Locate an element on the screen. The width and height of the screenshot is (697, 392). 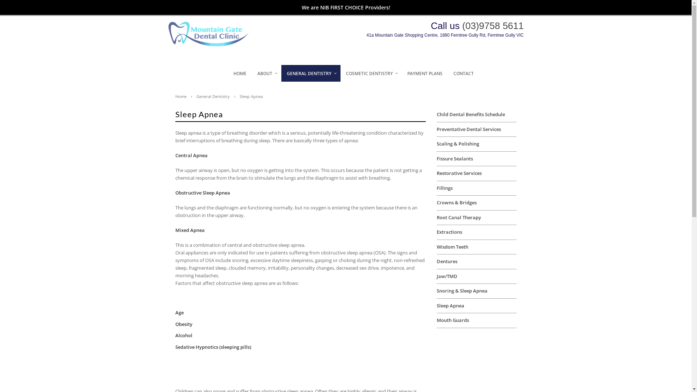
'General Dentistry' is located at coordinates (216, 96).